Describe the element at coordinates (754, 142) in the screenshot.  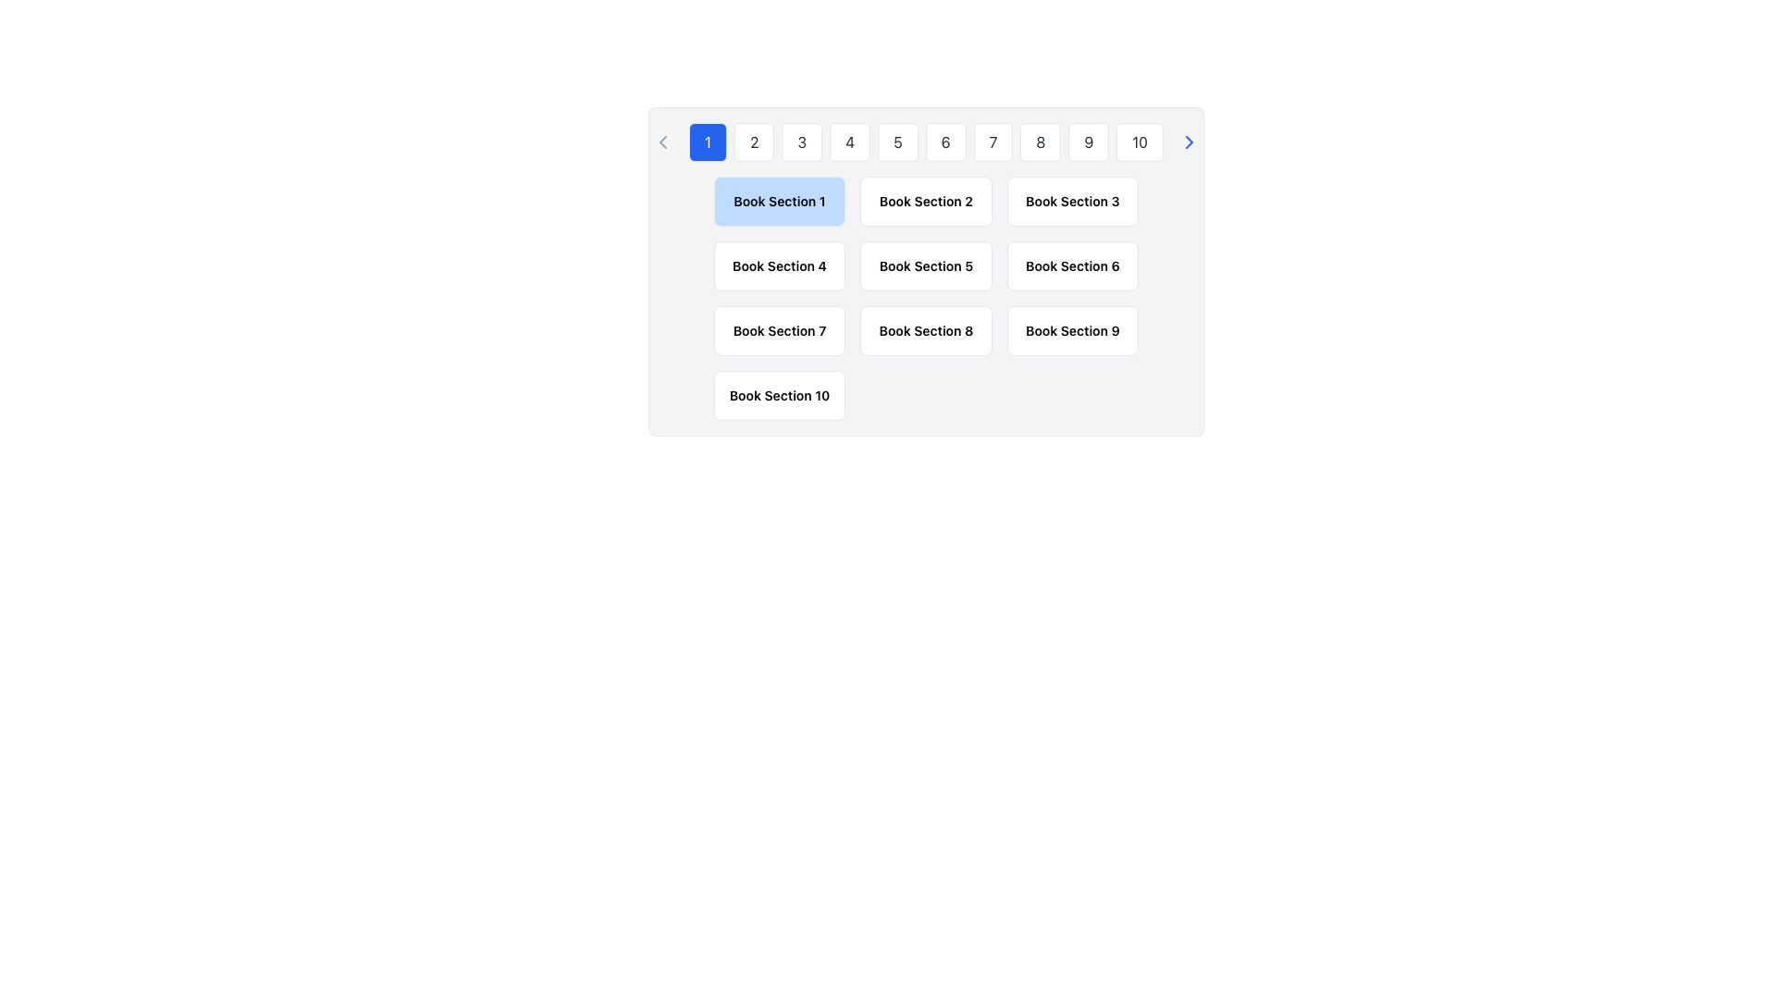
I see `the rounded rectangular button labeled '2' with a white background and gray border, located in a horizontal list of buttons above content panels` at that location.